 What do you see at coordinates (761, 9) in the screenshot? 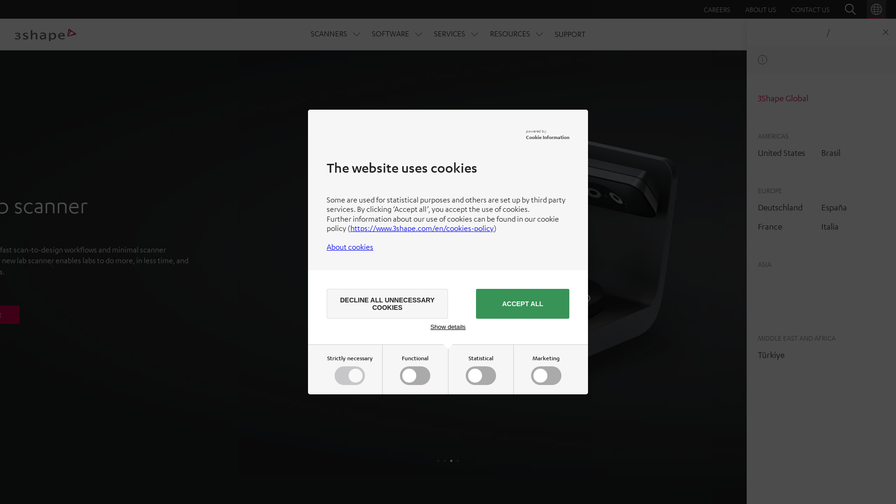
I see `'ABOUT US'` at bounding box center [761, 9].